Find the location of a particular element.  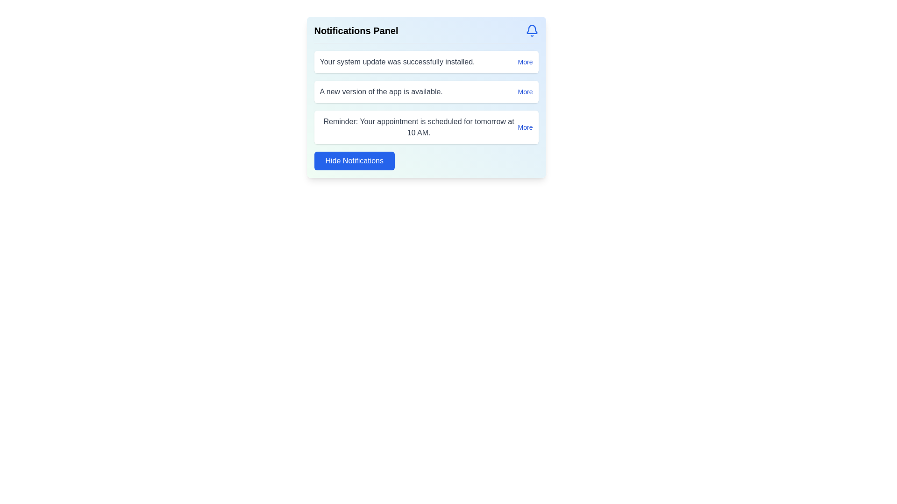

the 'More' link located in the top-right corner of the second notification card for accessibility is located at coordinates (525, 91).